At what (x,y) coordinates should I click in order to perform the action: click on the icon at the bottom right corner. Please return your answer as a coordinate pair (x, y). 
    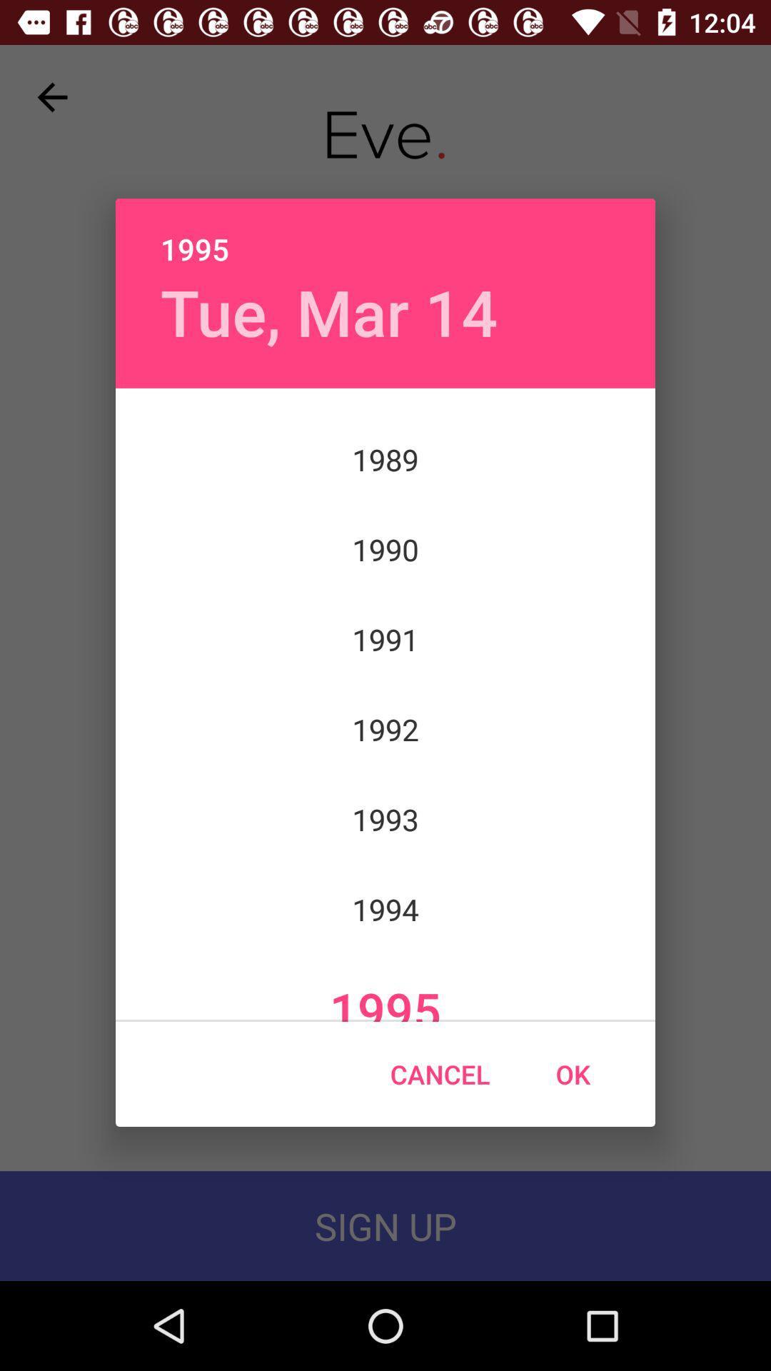
    Looking at the image, I should click on (572, 1074).